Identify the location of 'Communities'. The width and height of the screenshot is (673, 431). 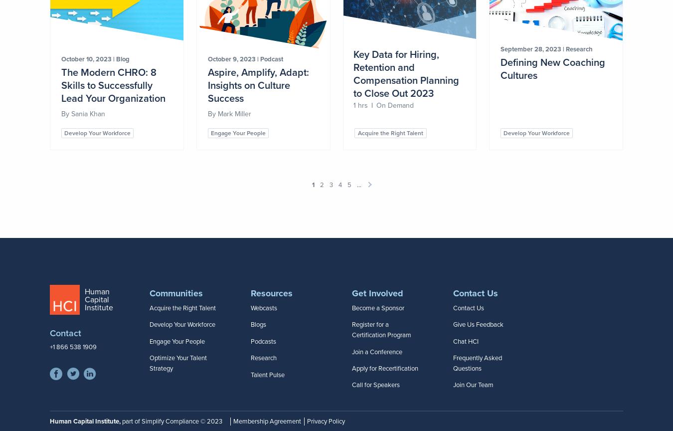
(176, 292).